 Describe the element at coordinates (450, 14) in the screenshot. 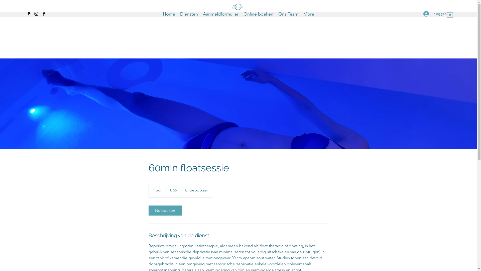

I see `'0'` at that location.